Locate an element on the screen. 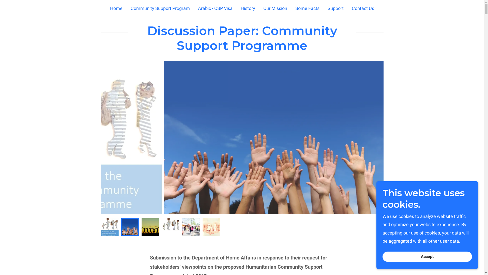 The image size is (488, 275). 'Home' is located at coordinates (116, 8).